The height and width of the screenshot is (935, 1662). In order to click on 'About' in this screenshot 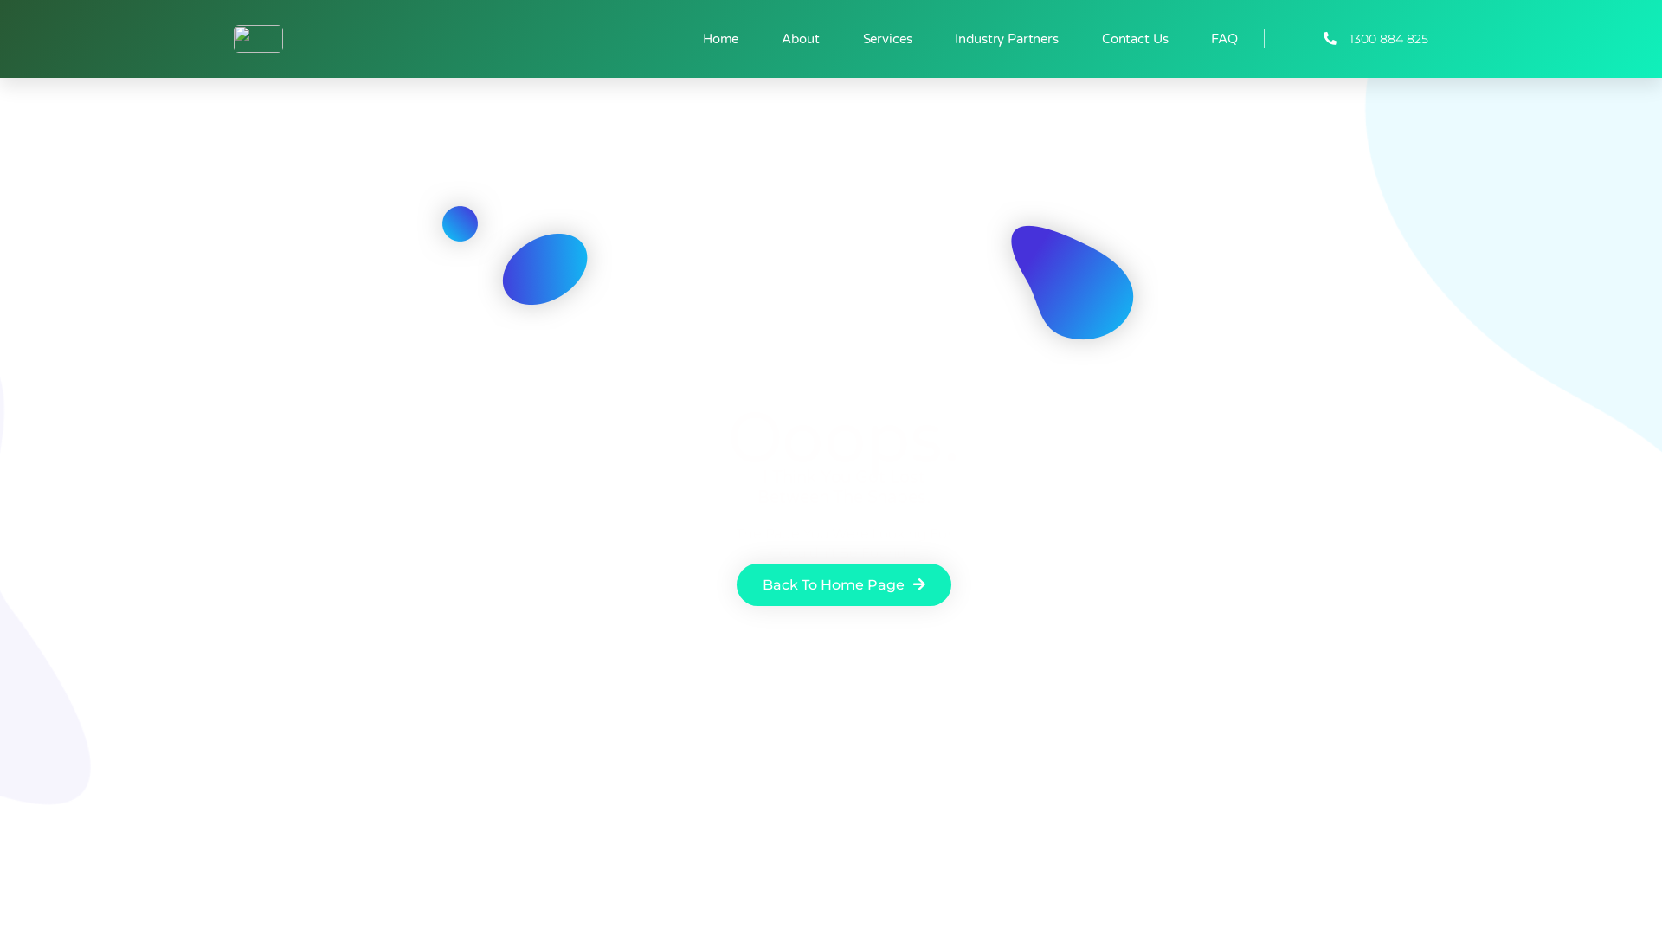, I will do `click(799, 39)`.